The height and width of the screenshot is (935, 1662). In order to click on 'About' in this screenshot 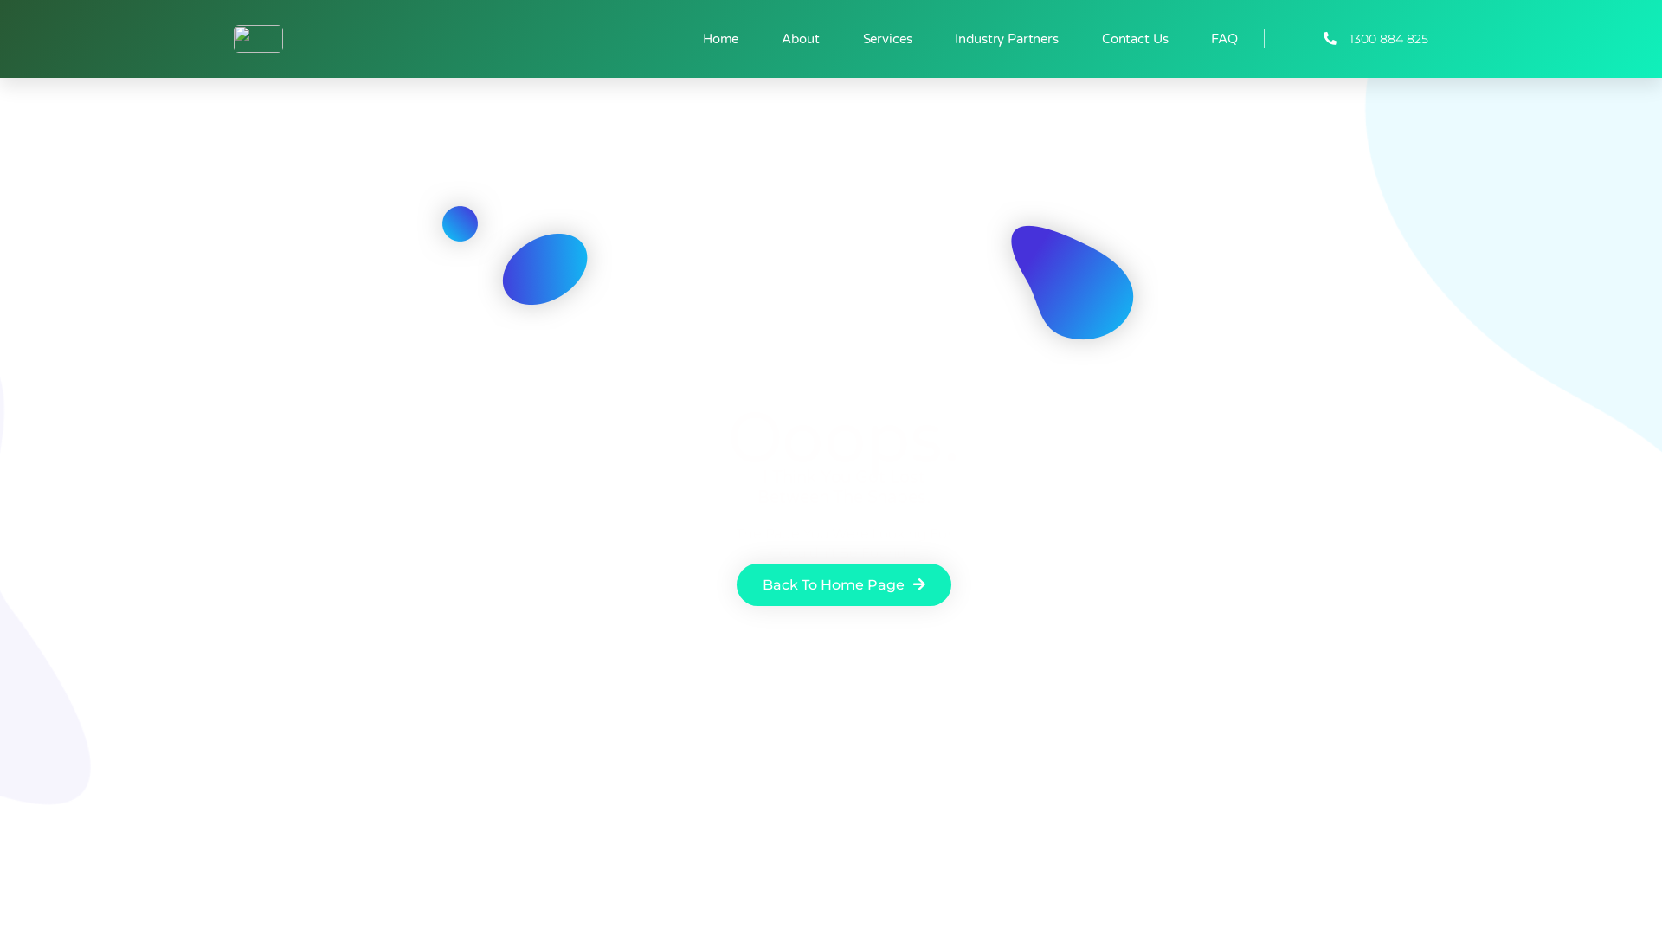, I will do `click(799, 39)`.